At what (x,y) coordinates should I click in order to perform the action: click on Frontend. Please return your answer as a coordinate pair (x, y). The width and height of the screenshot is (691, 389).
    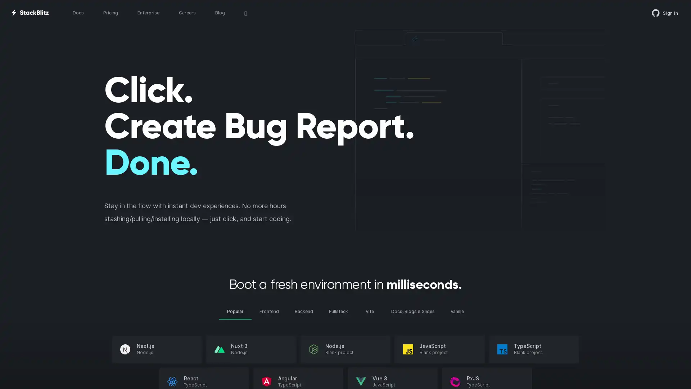
    Looking at the image, I should click on (269, 311).